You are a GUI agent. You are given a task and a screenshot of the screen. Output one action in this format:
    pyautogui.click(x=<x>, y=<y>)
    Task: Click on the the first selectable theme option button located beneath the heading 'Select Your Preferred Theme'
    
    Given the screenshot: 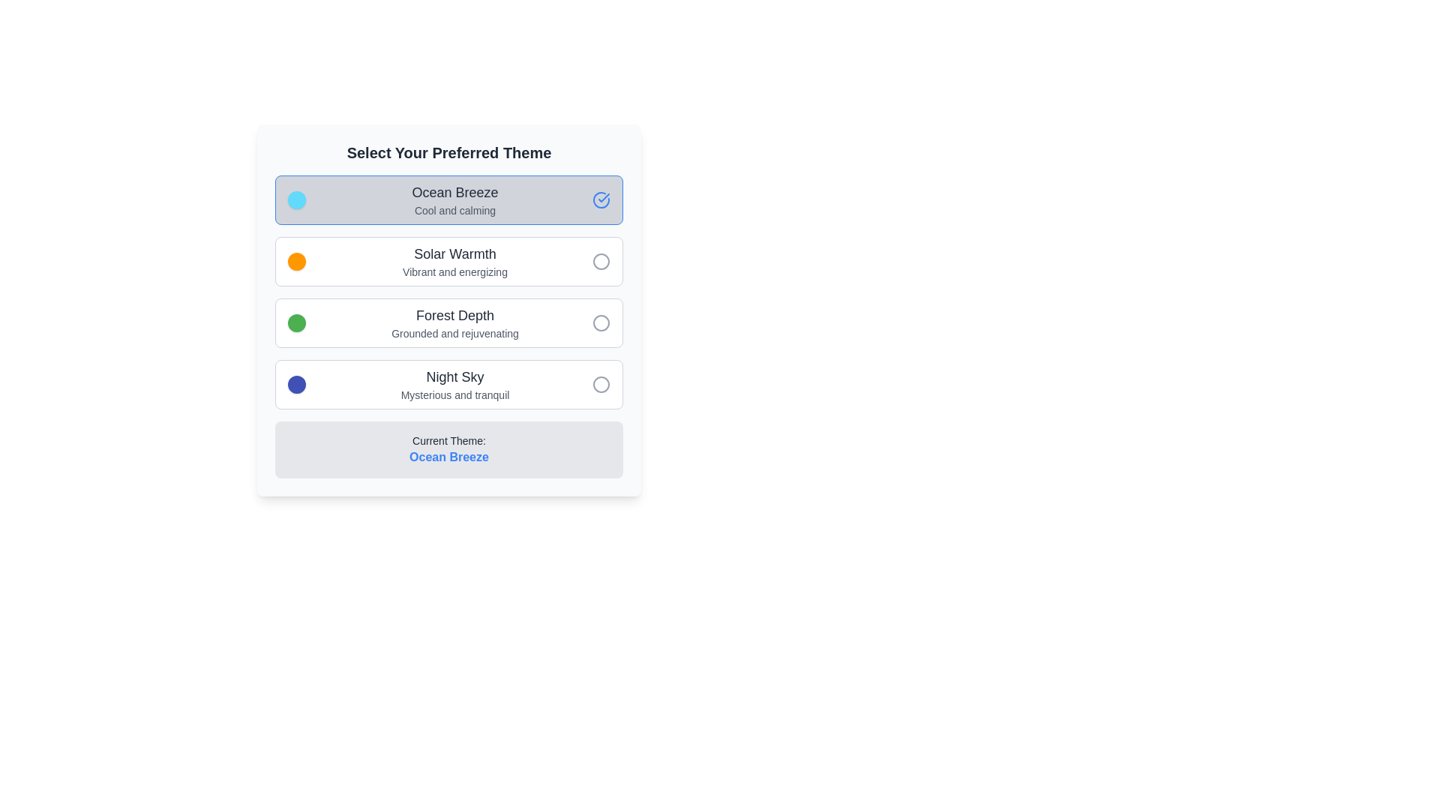 What is the action you would take?
    pyautogui.click(x=448, y=199)
    